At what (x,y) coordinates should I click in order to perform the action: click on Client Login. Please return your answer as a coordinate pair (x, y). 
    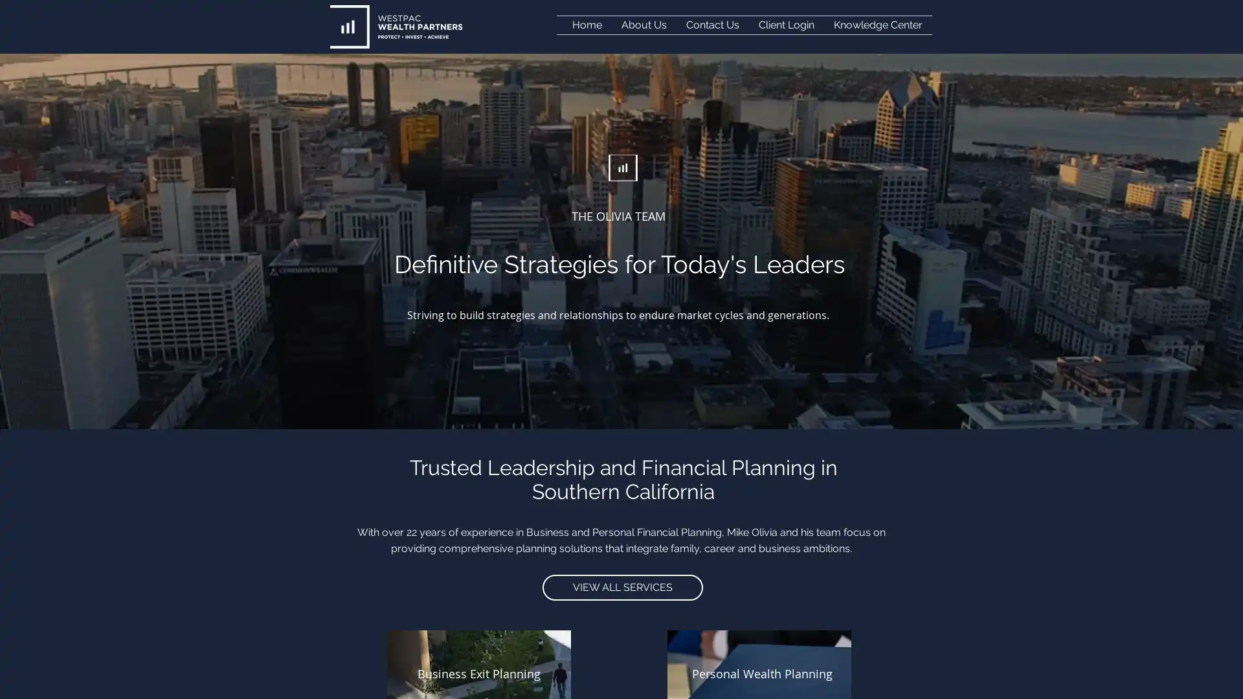
    Looking at the image, I should click on (785, 25).